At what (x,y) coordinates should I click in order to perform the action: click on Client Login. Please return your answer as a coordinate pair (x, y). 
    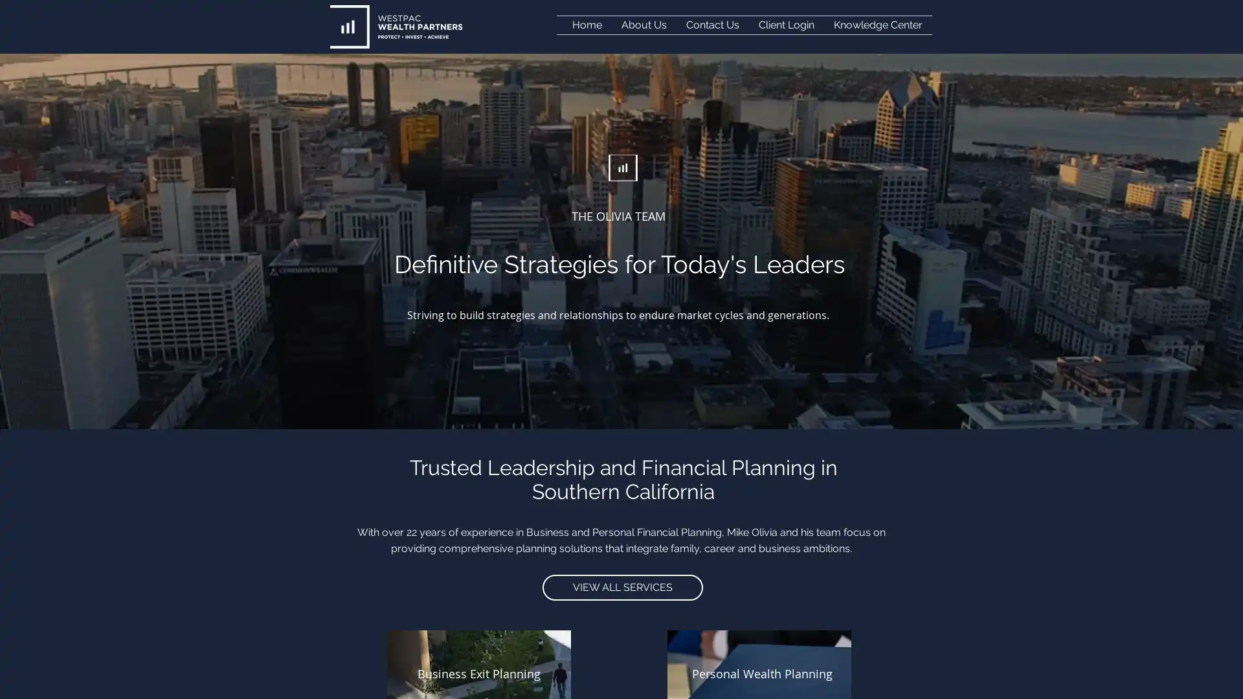
    Looking at the image, I should click on (785, 25).